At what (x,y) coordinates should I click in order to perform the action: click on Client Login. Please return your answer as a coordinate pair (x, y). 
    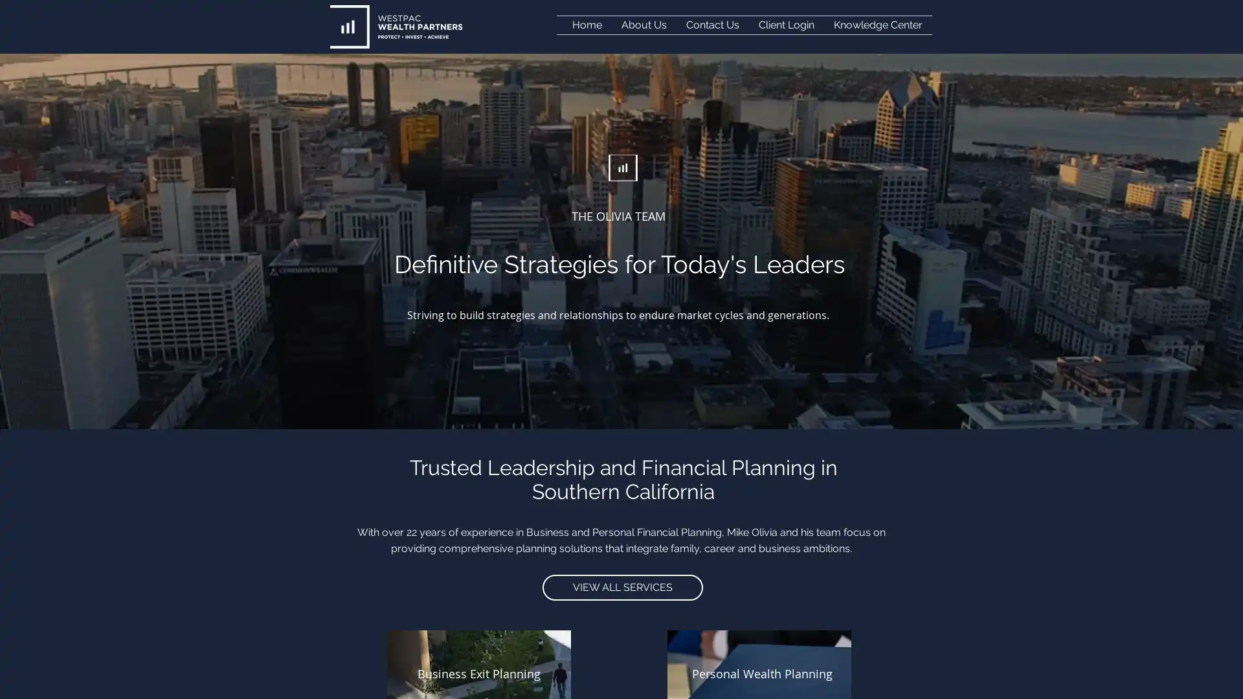
    Looking at the image, I should click on (785, 25).